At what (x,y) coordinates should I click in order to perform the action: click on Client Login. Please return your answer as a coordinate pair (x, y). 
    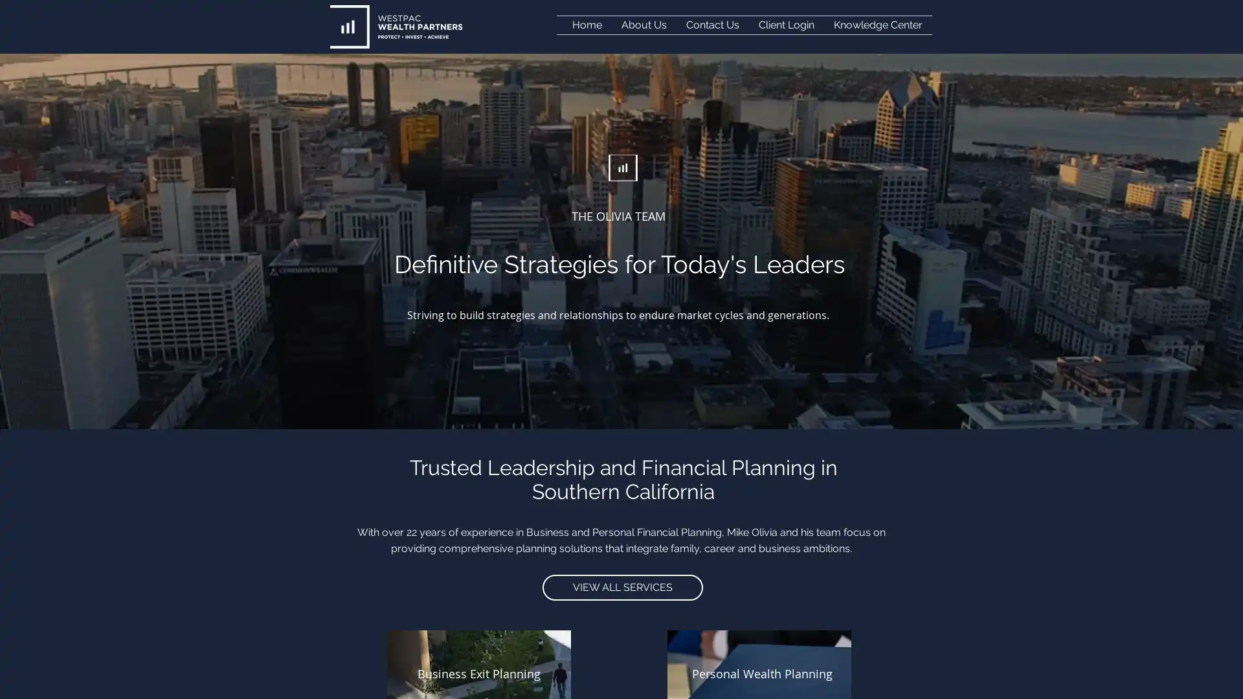
    Looking at the image, I should click on (785, 25).